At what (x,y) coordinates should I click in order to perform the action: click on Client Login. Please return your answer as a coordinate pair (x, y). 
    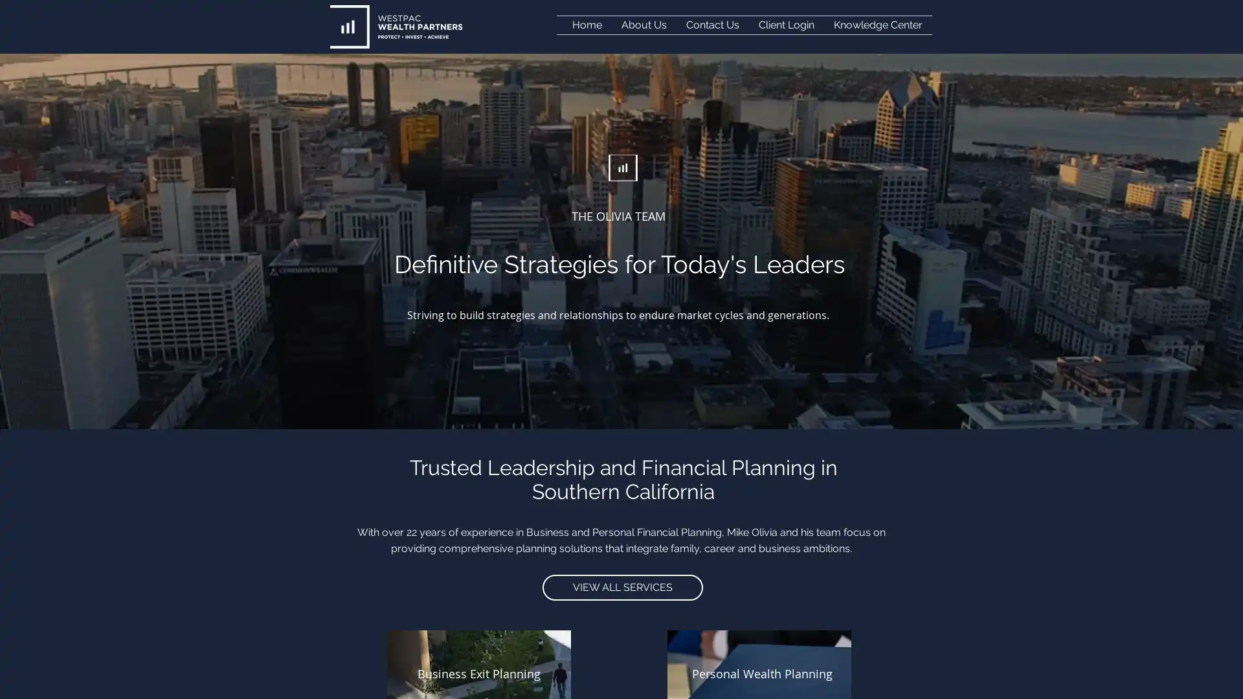
    Looking at the image, I should click on (785, 25).